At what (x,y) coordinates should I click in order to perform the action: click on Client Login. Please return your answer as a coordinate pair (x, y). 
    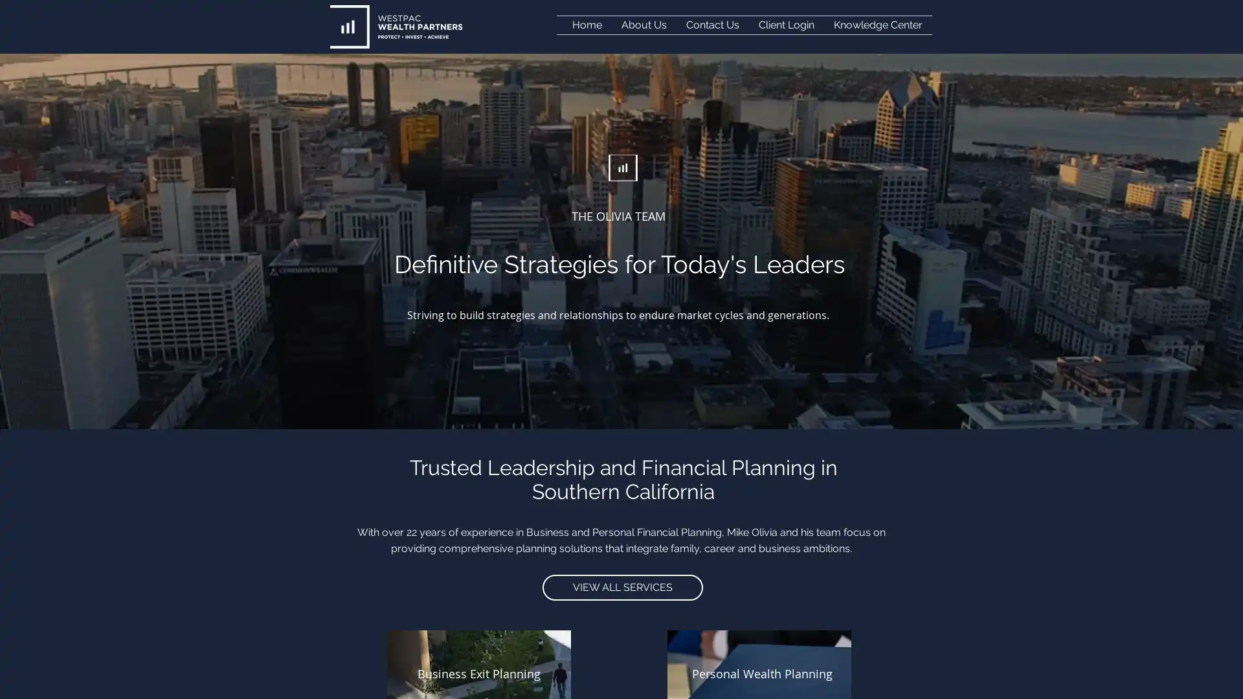
    Looking at the image, I should click on (785, 25).